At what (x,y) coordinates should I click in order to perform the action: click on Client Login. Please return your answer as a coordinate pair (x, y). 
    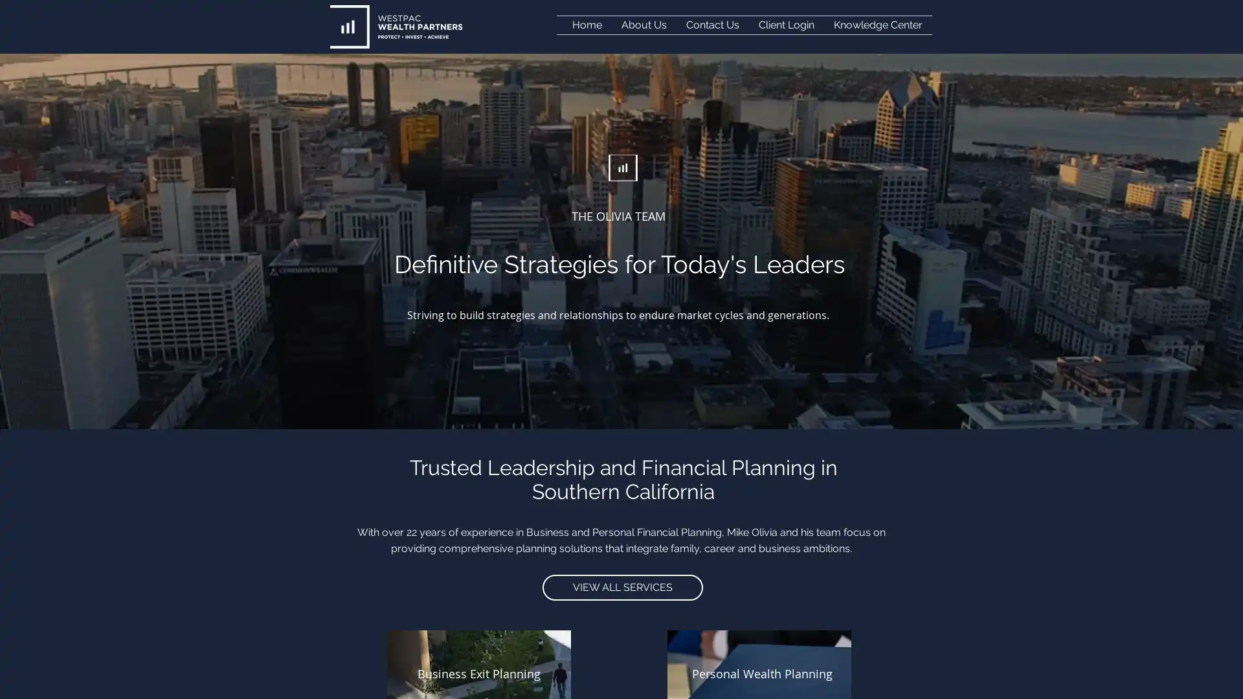
    Looking at the image, I should click on (785, 25).